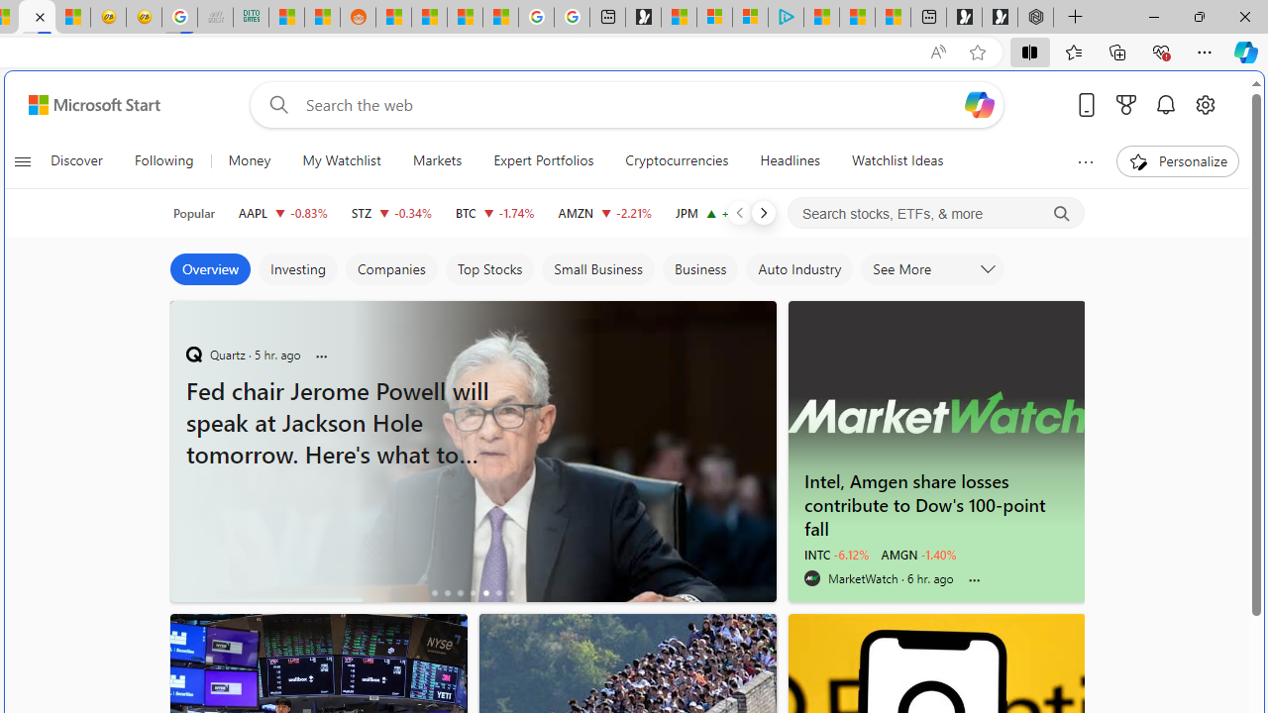 The image size is (1268, 713). What do you see at coordinates (393, 17) in the screenshot?
I see `'R******* | Trusted Community Engagement and Contributions'` at bounding box center [393, 17].